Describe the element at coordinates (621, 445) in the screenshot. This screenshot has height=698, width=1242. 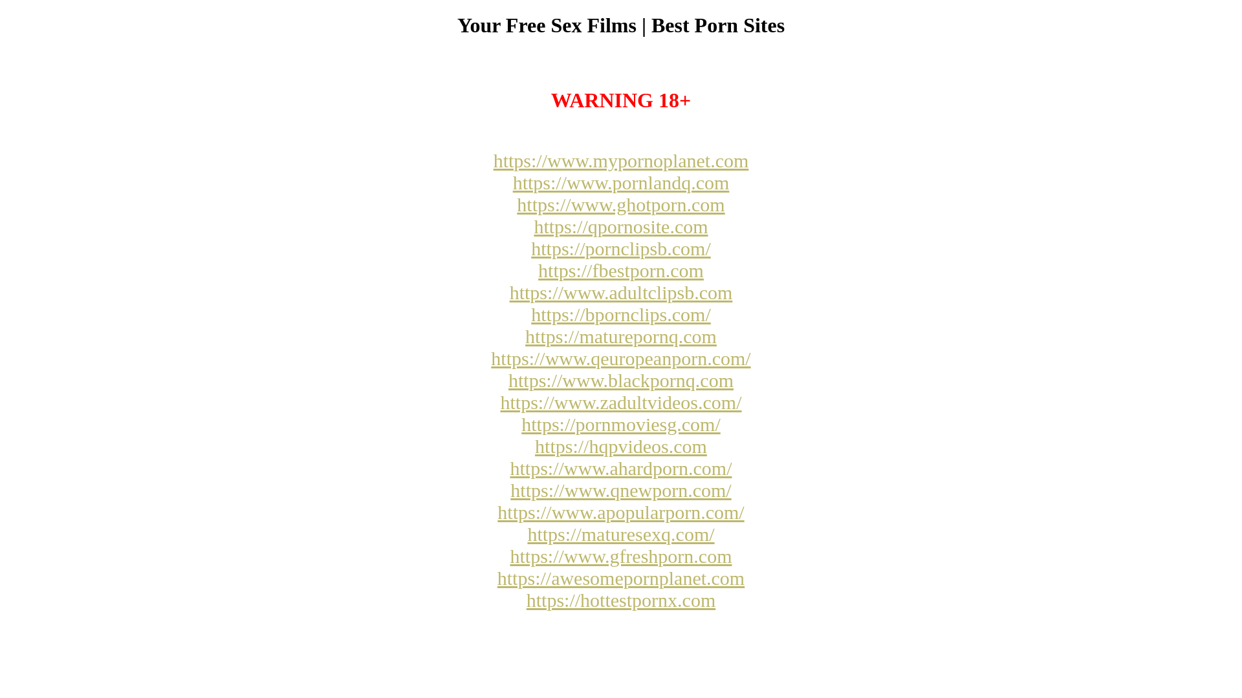
I see `'https://hqpvideos.com'` at that location.